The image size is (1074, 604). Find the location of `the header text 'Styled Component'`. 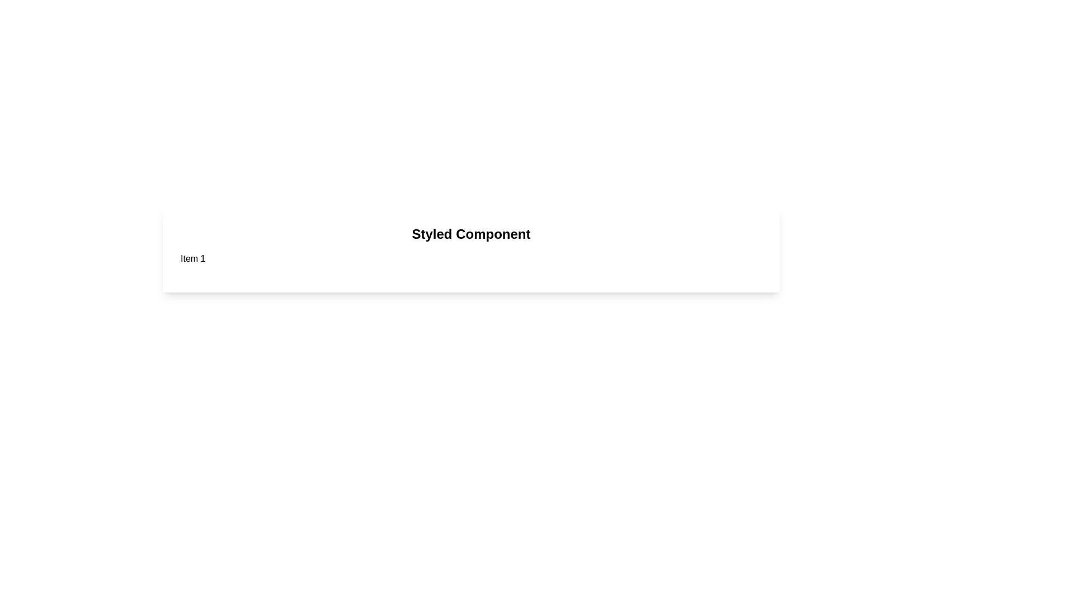

the header text 'Styled Component' is located at coordinates (471, 234).